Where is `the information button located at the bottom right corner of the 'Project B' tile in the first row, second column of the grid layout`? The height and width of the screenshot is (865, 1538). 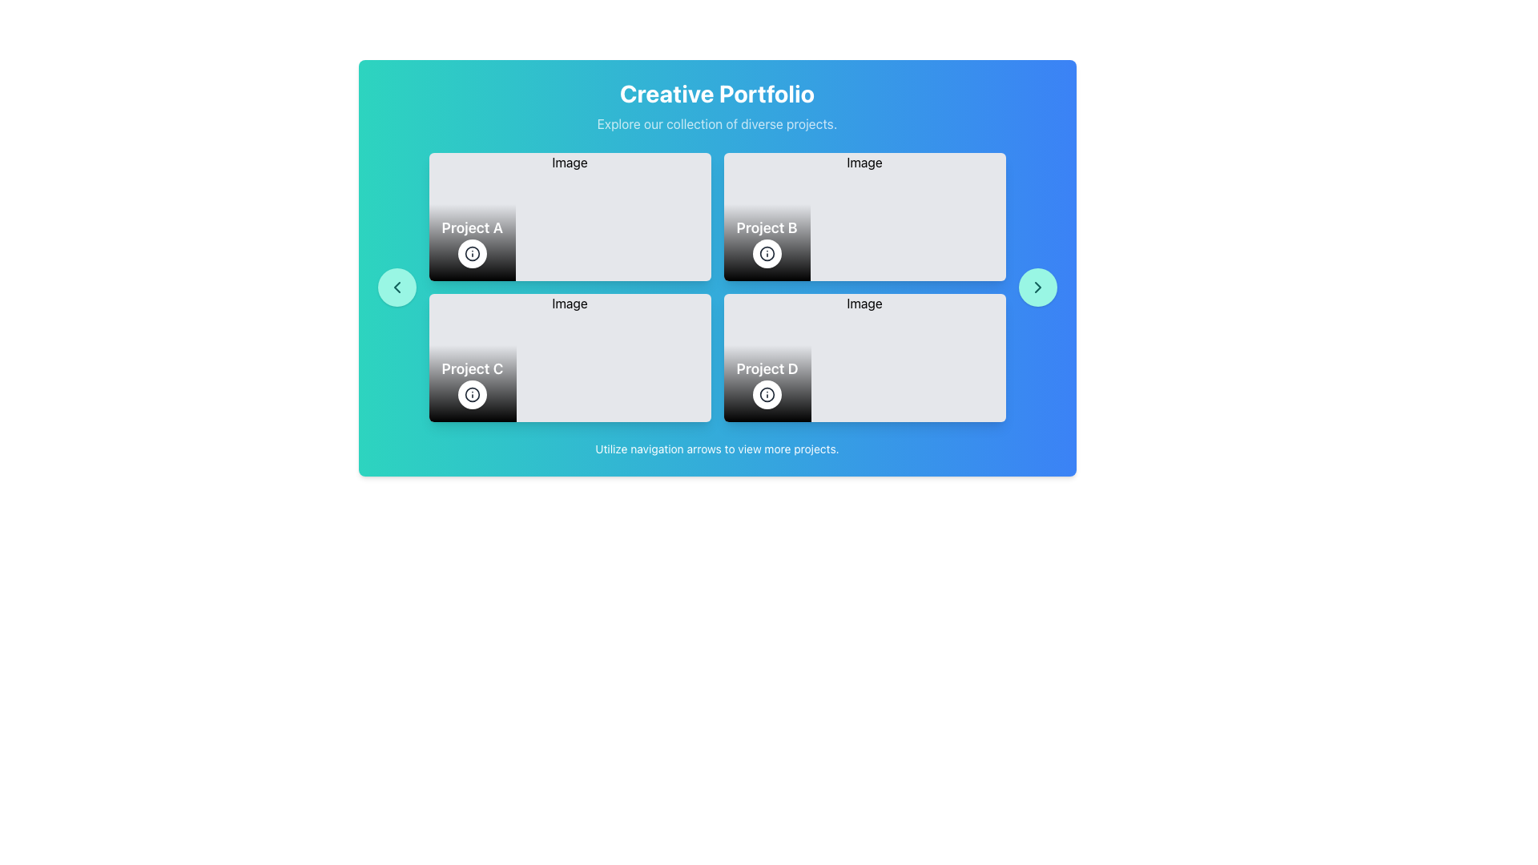 the information button located at the bottom right corner of the 'Project B' tile in the first row, second column of the grid layout is located at coordinates (766, 252).